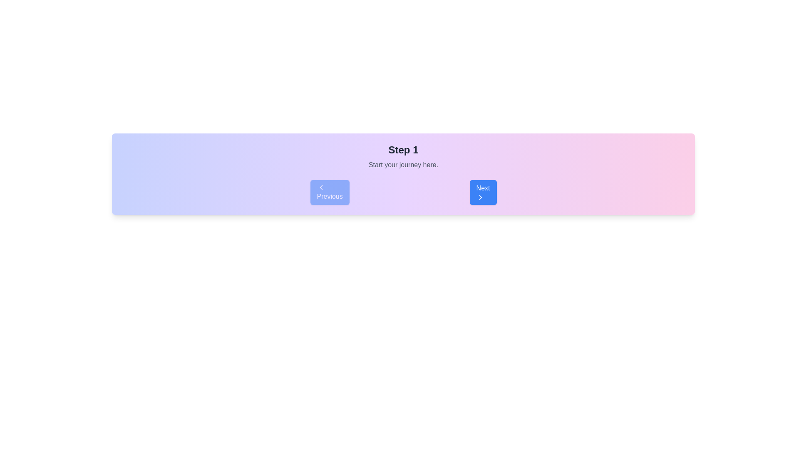  I want to click on the right-pointing arrow icon located inside the 'Next' button, which serves as a visual cue for progression in the UI, so click(480, 197).